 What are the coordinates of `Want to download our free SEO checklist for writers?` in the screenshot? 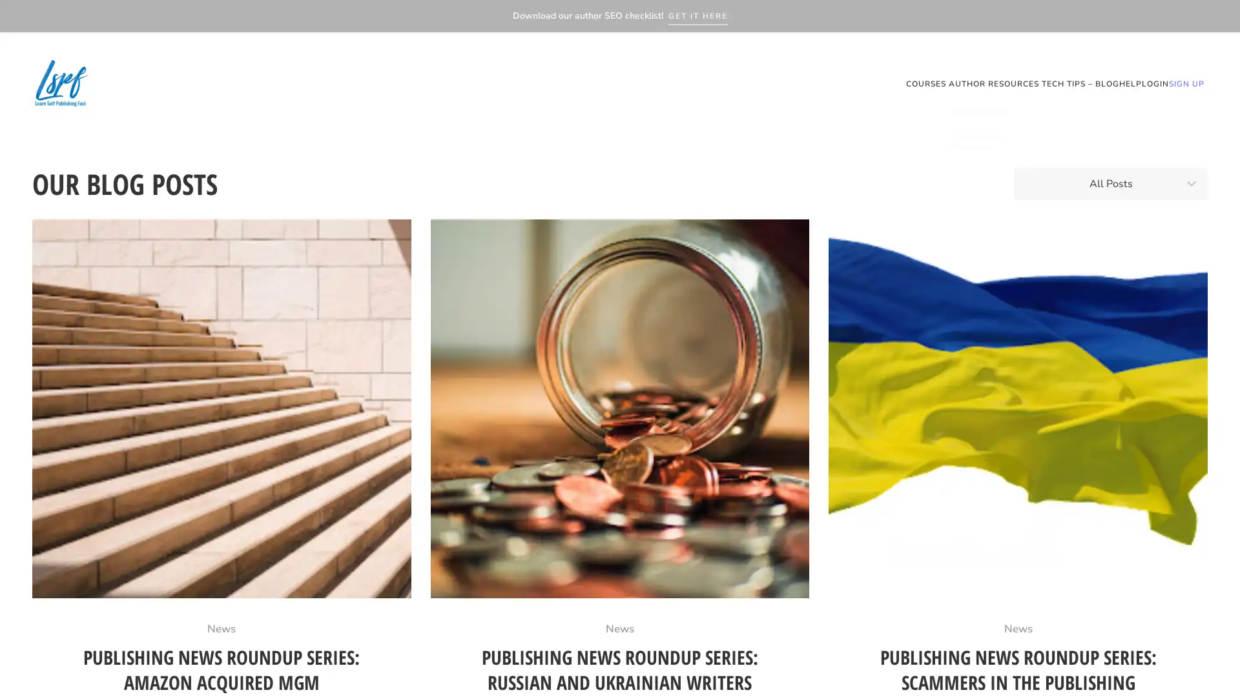 It's located at (654, 323).